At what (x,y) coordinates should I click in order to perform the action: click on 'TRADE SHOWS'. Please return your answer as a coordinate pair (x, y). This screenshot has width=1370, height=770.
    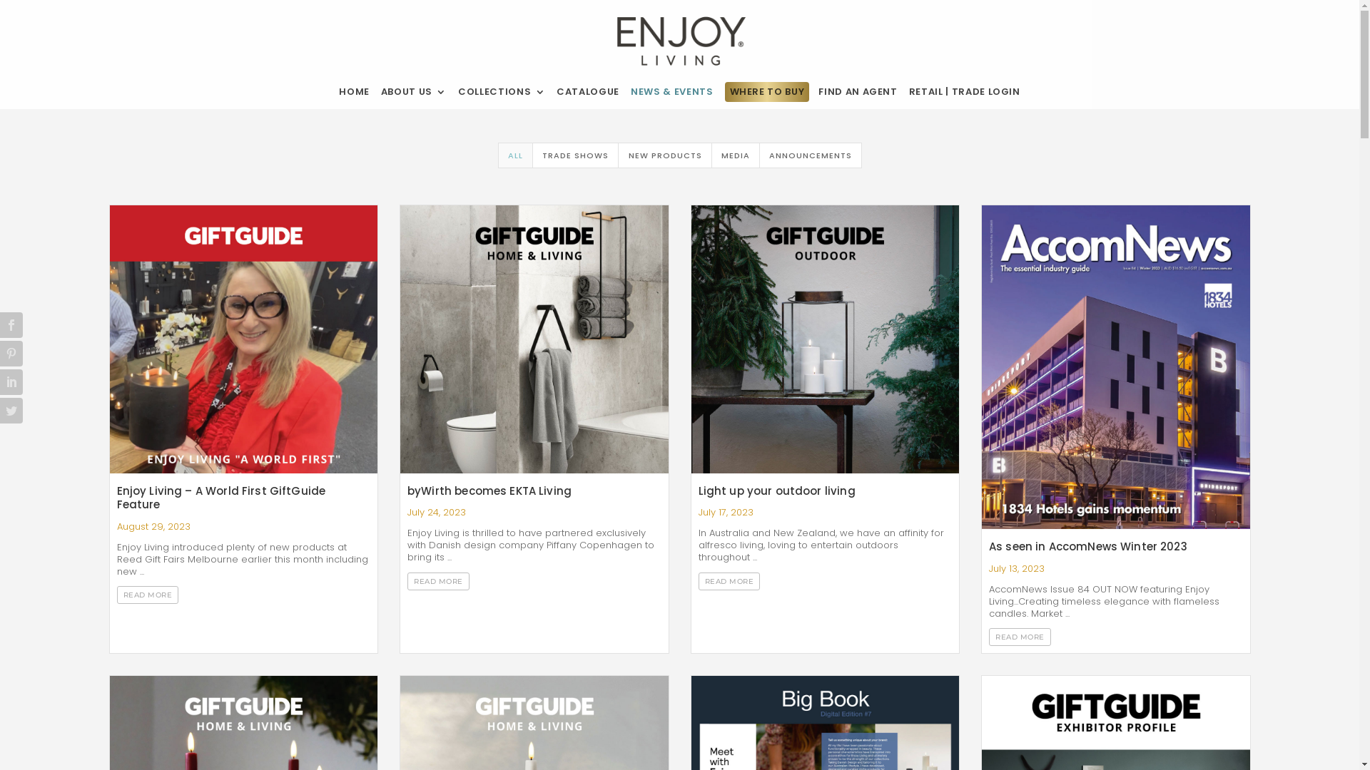
    Looking at the image, I should click on (531, 155).